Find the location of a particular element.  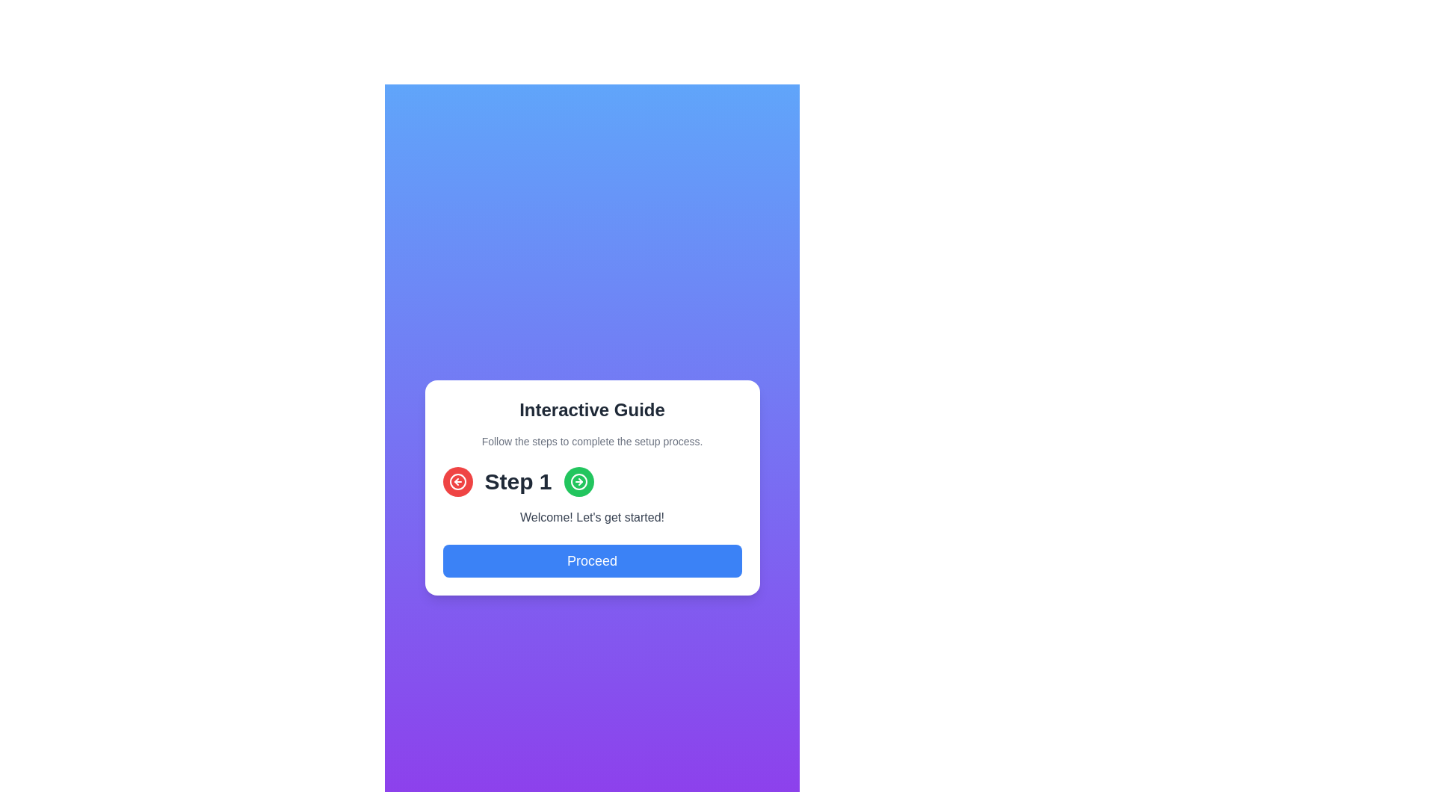

the icon button representing a backward or undo action located near the top-left corner of the central white dialog box, adjacent is located at coordinates (457, 481).